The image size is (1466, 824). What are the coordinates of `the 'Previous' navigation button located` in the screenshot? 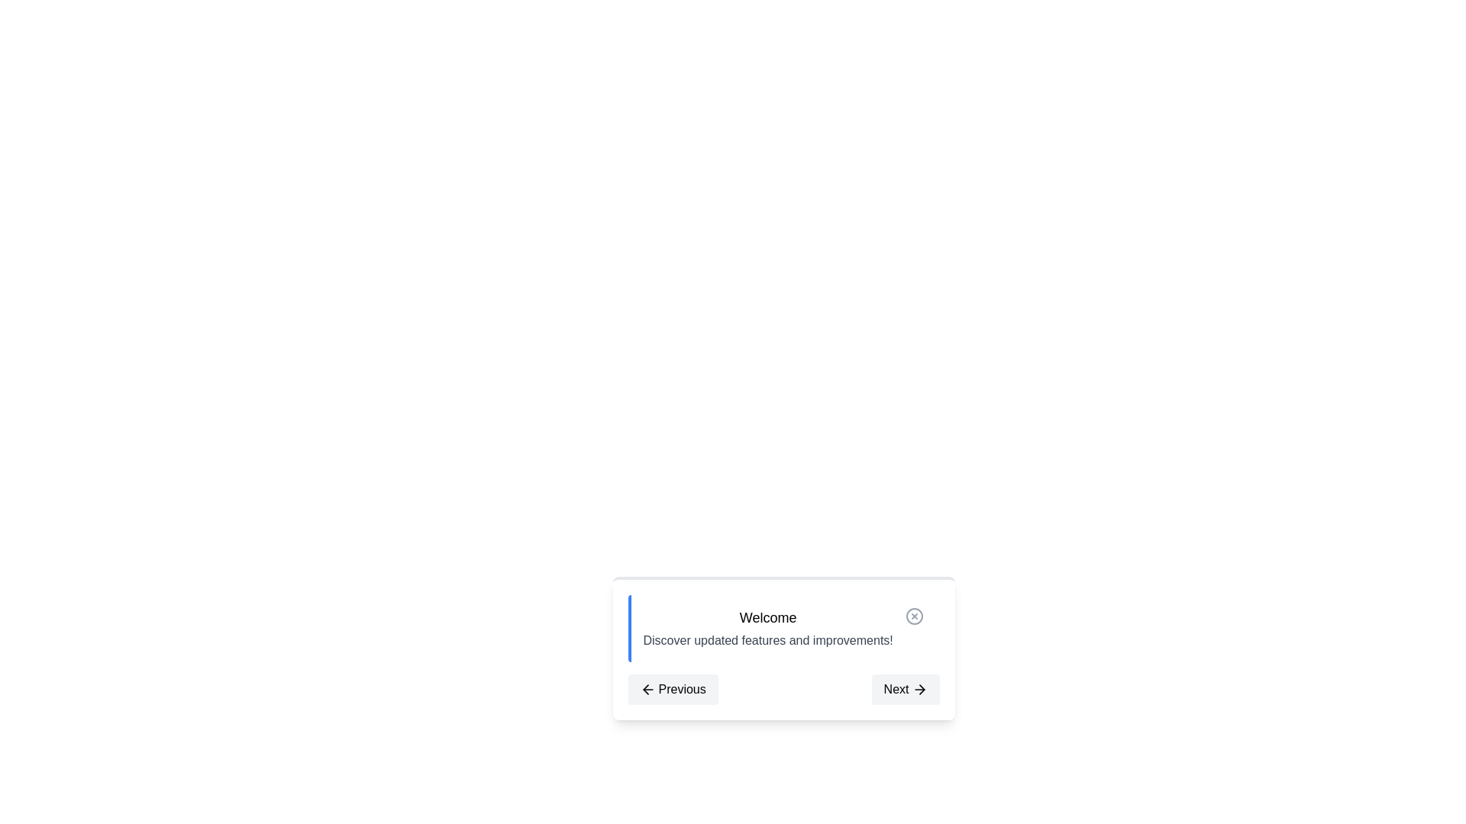 It's located at (681, 689).